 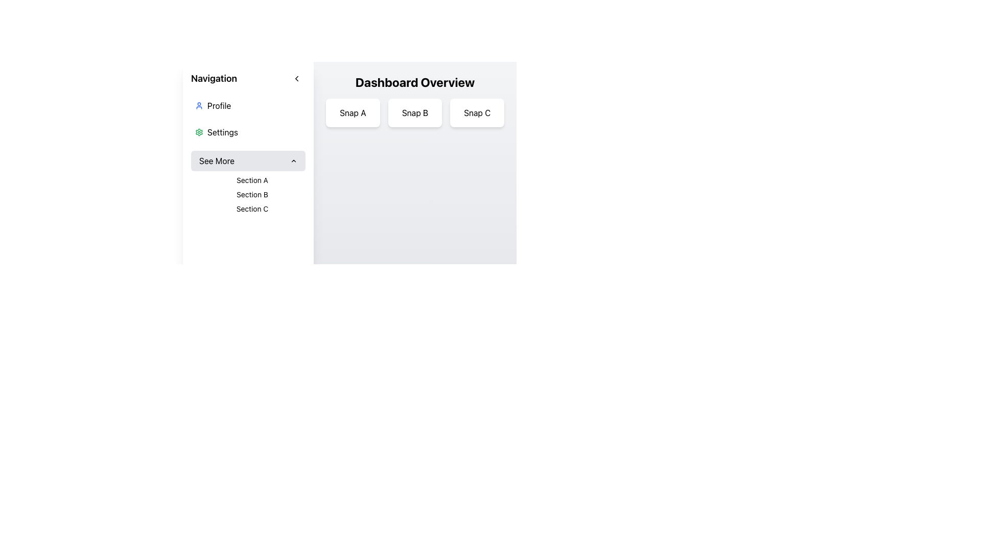 I want to click on the Text Display Card labeled 'Snap B', which is the second card in a horizontal grid layout beneath the 'Dashboard Overview' header, so click(x=415, y=112).